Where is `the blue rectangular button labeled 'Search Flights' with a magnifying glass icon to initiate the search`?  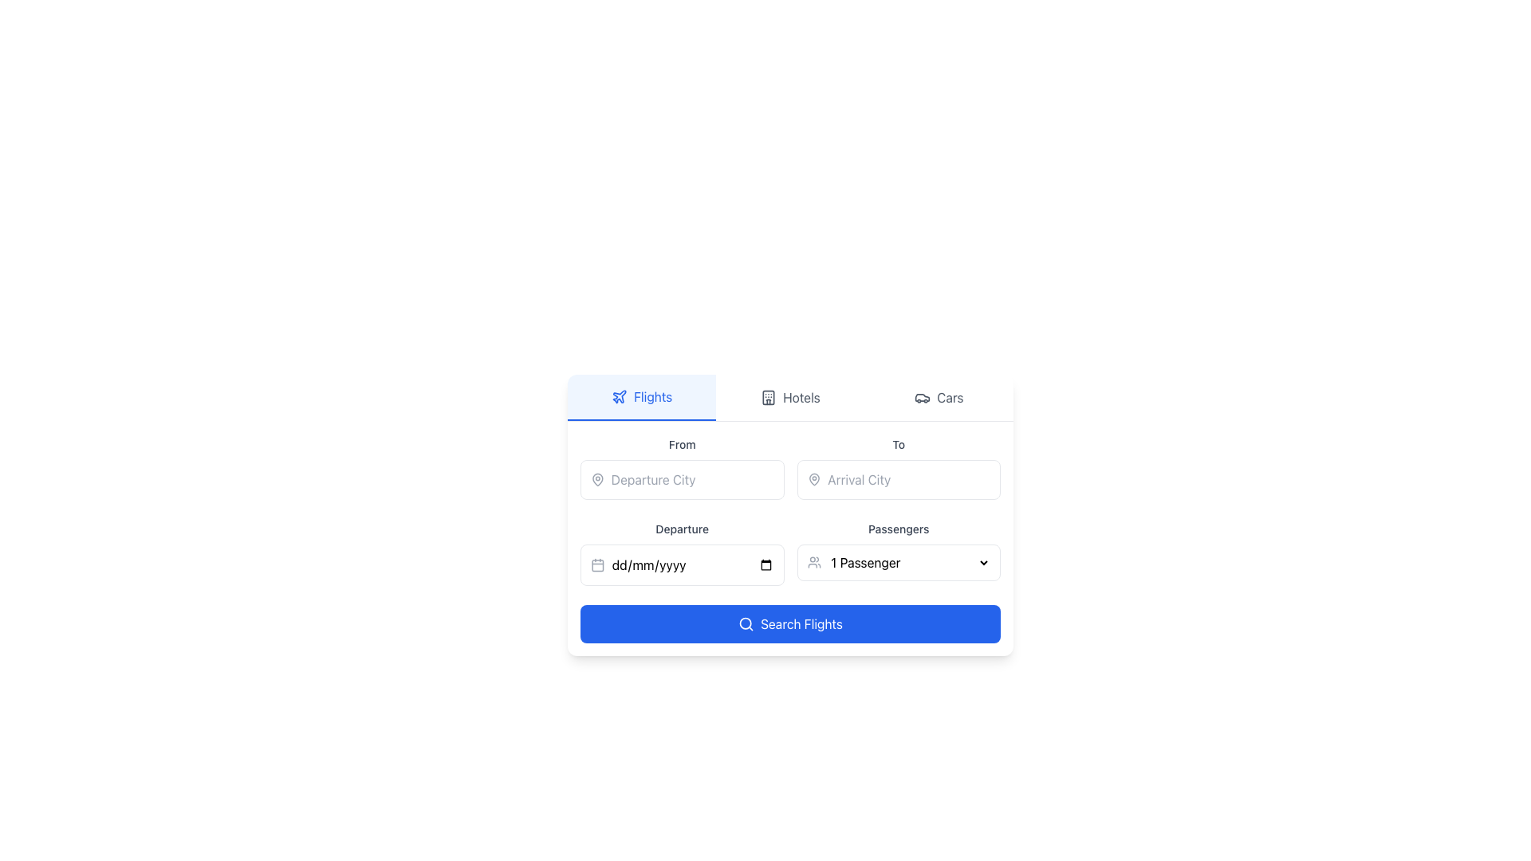 the blue rectangular button labeled 'Search Flights' with a magnifying glass icon to initiate the search is located at coordinates (790, 623).